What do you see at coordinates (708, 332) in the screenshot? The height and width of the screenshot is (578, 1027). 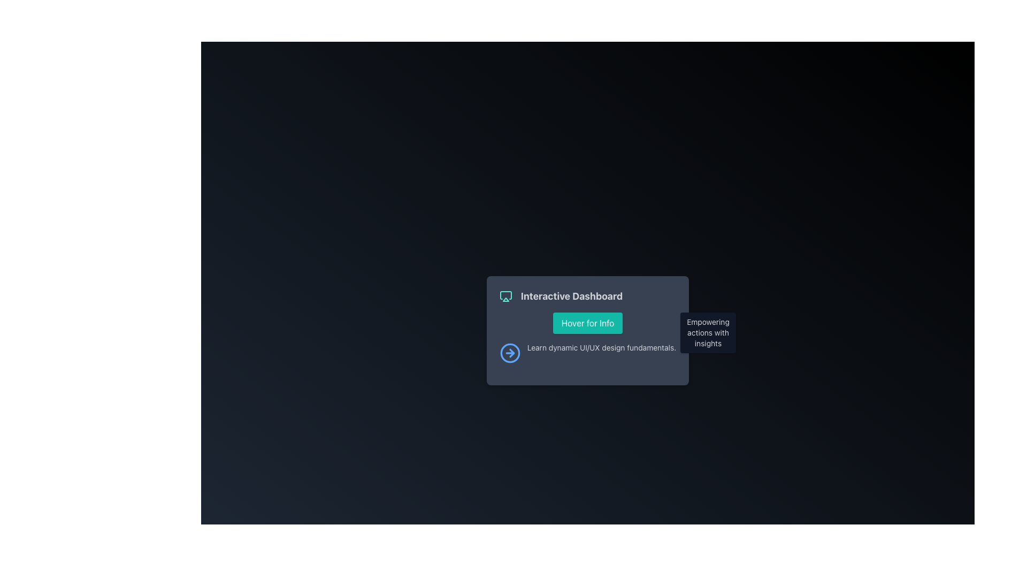 I see `the Tooltip that provides information when interacting with the 'Hover for Info' button, located to the right and slightly below it` at bounding box center [708, 332].